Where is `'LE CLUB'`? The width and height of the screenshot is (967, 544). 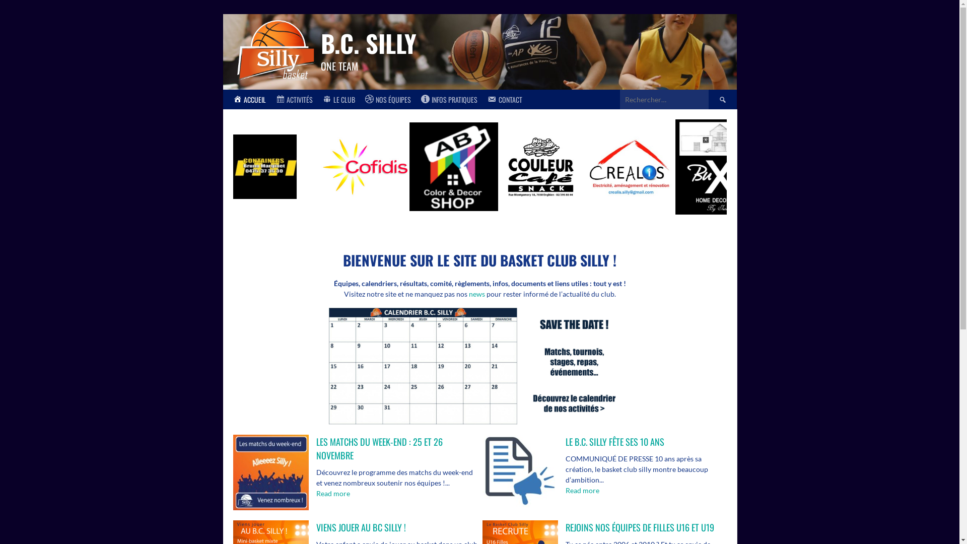
'LE CLUB' is located at coordinates (338, 99).